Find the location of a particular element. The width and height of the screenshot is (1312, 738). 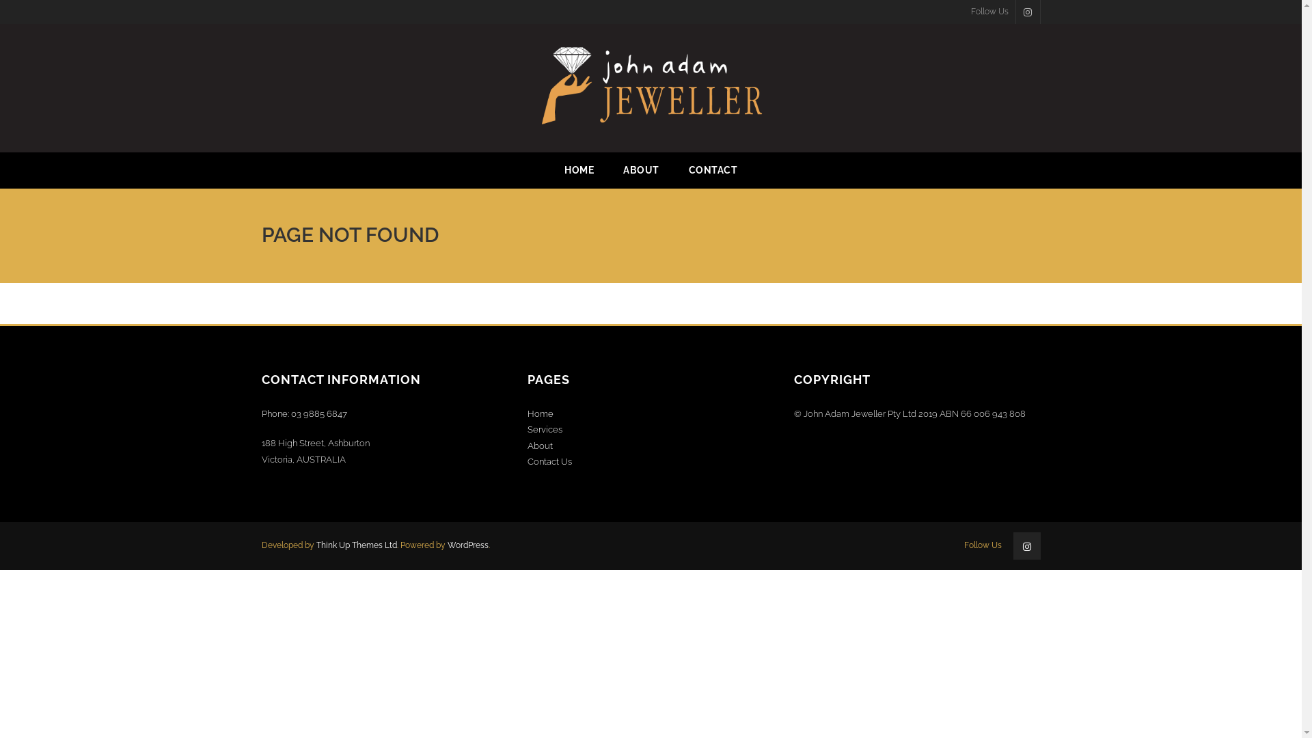

'Home' is located at coordinates (540, 413).